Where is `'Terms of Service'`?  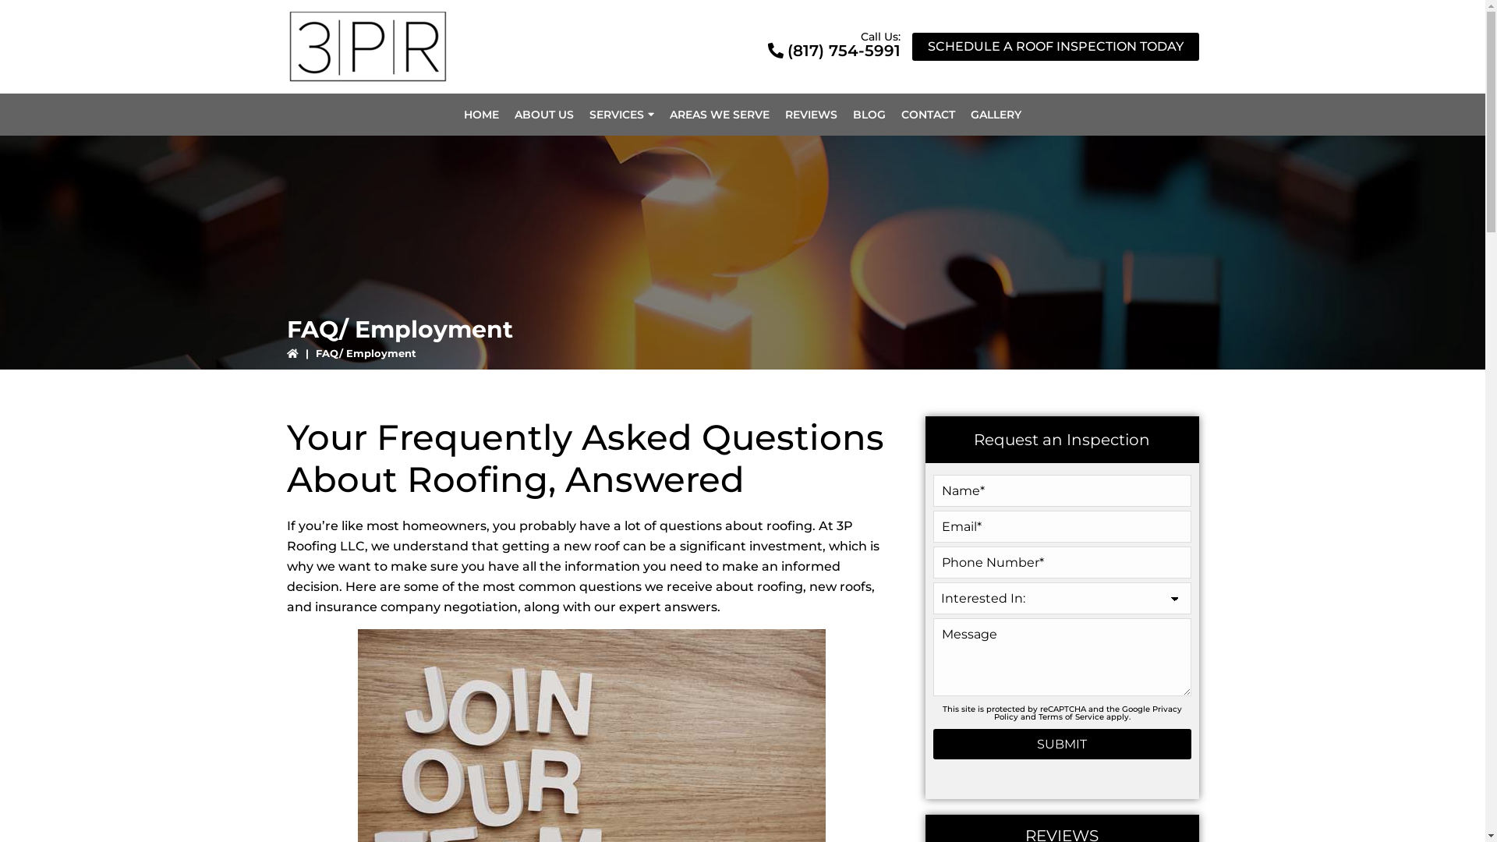
'Terms of Service' is located at coordinates (1070, 716).